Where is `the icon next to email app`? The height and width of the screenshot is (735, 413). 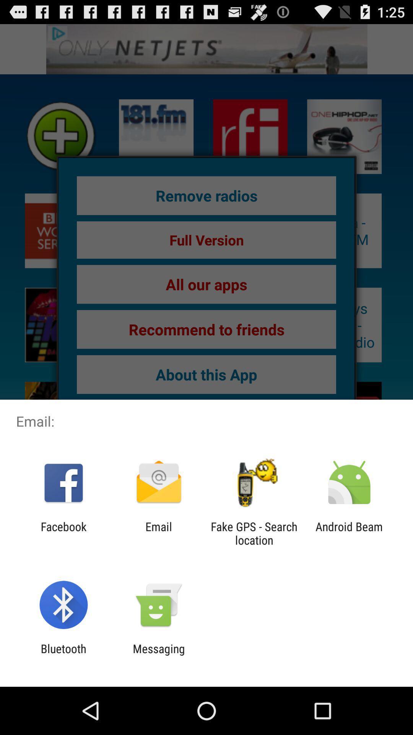 the icon next to email app is located at coordinates (63, 533).